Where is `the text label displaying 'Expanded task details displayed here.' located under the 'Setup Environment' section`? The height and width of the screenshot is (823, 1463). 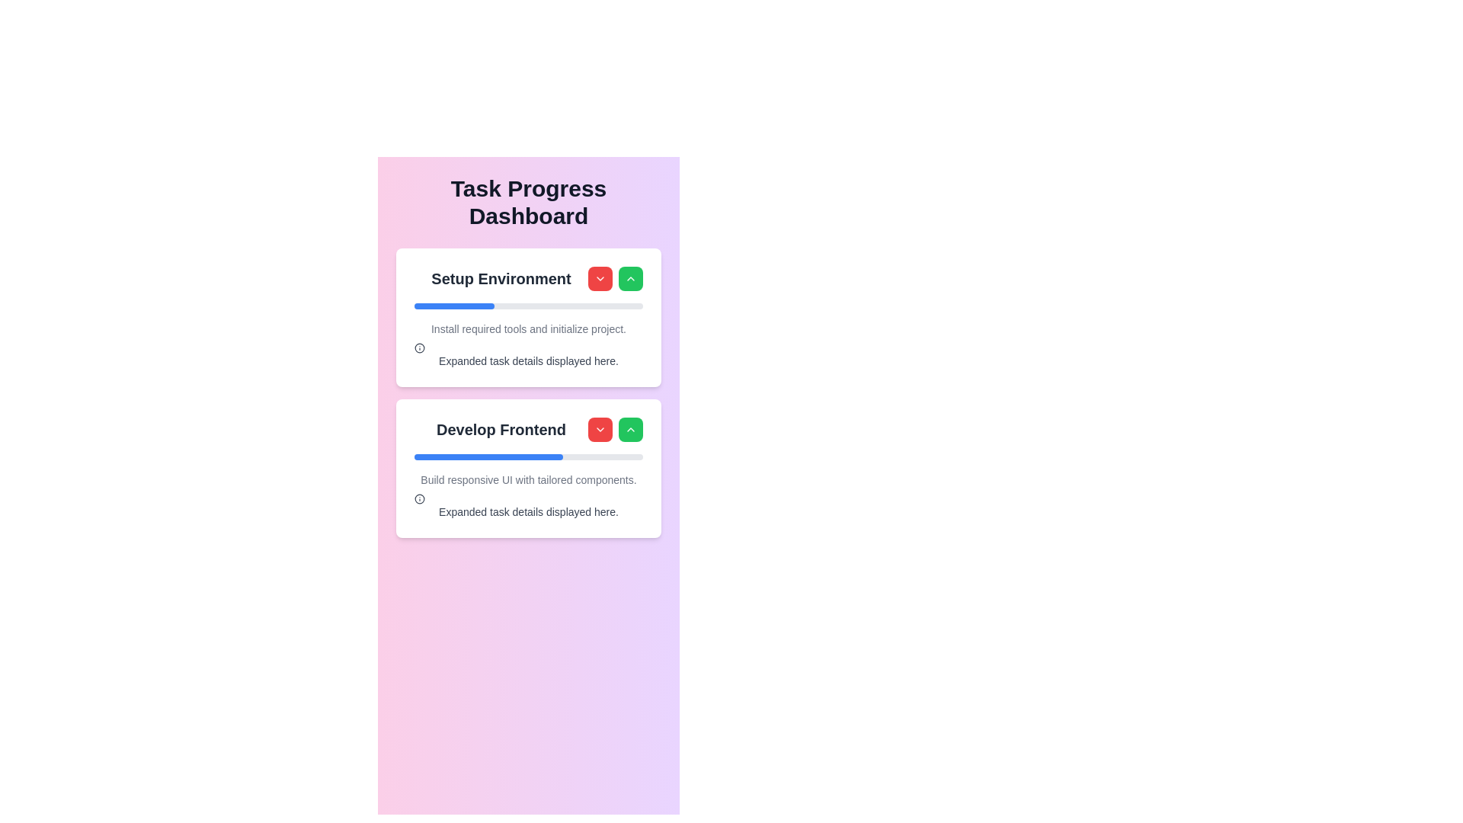 the text label displaying 'Expanded task details displayed here.' located under the 'Setup Environment' section is located at coordinates (529, 355).